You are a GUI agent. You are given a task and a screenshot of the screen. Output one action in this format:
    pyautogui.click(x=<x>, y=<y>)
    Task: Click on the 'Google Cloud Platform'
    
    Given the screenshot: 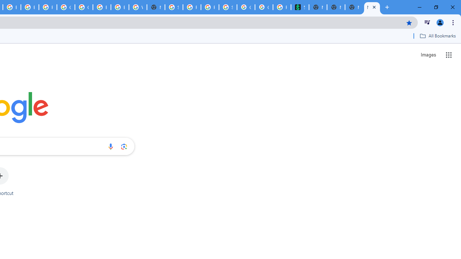 What is the action you would take?
    pyautogui.click(x=84, y=7)
    